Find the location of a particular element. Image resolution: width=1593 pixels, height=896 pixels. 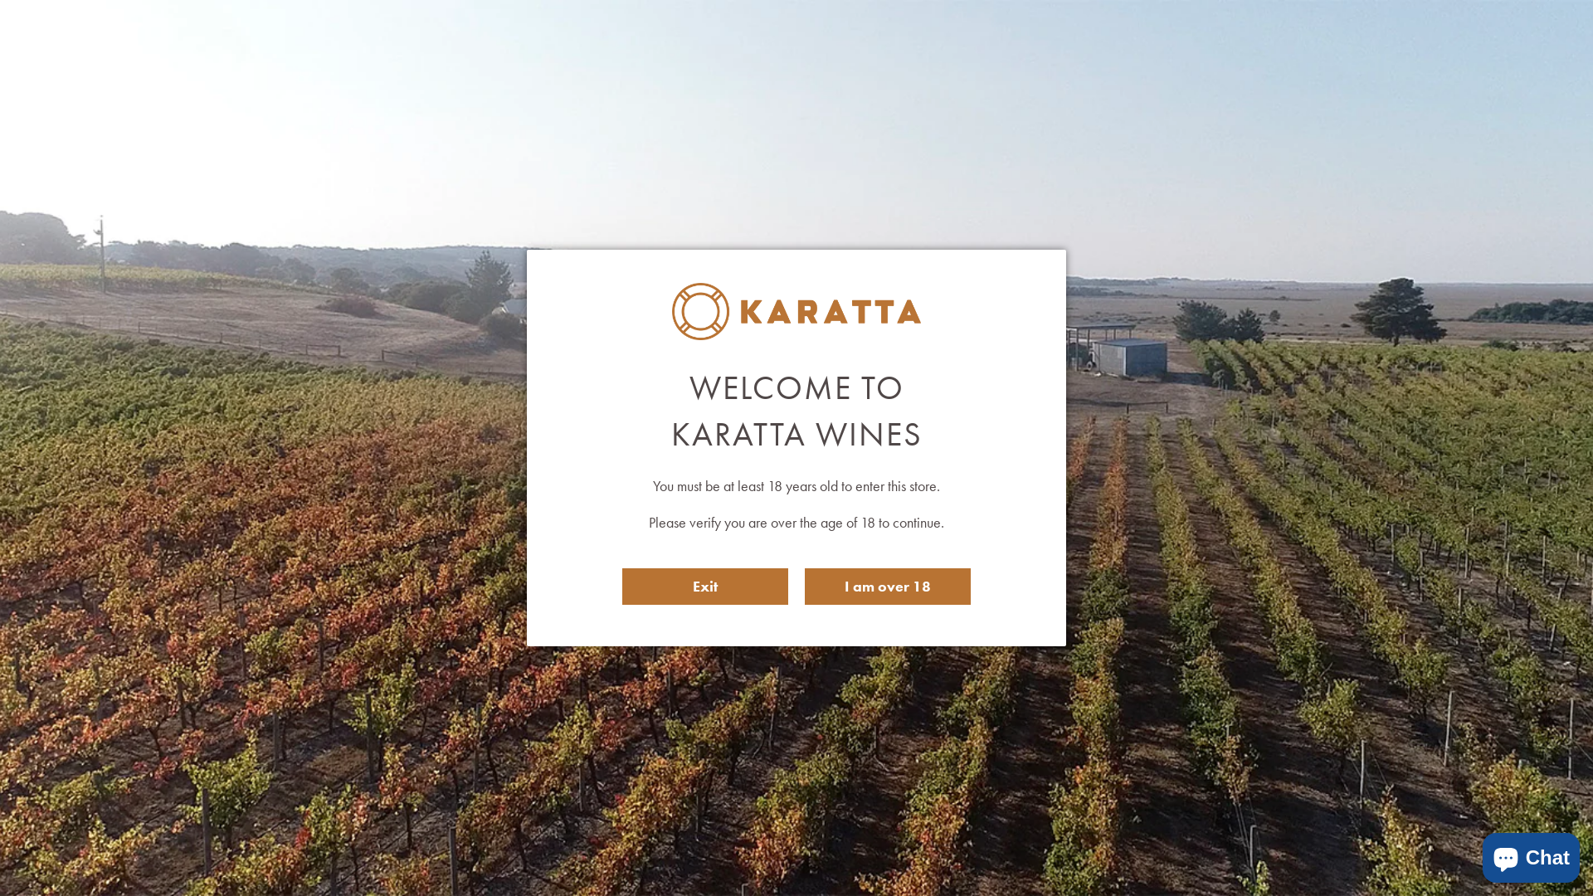

'Exit' is located at coordinates (704, 585).